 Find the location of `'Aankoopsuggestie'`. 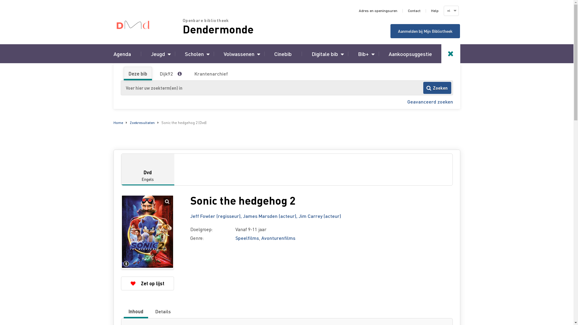

'Aankoopsuggestie' is located at coordinates (388, 53).